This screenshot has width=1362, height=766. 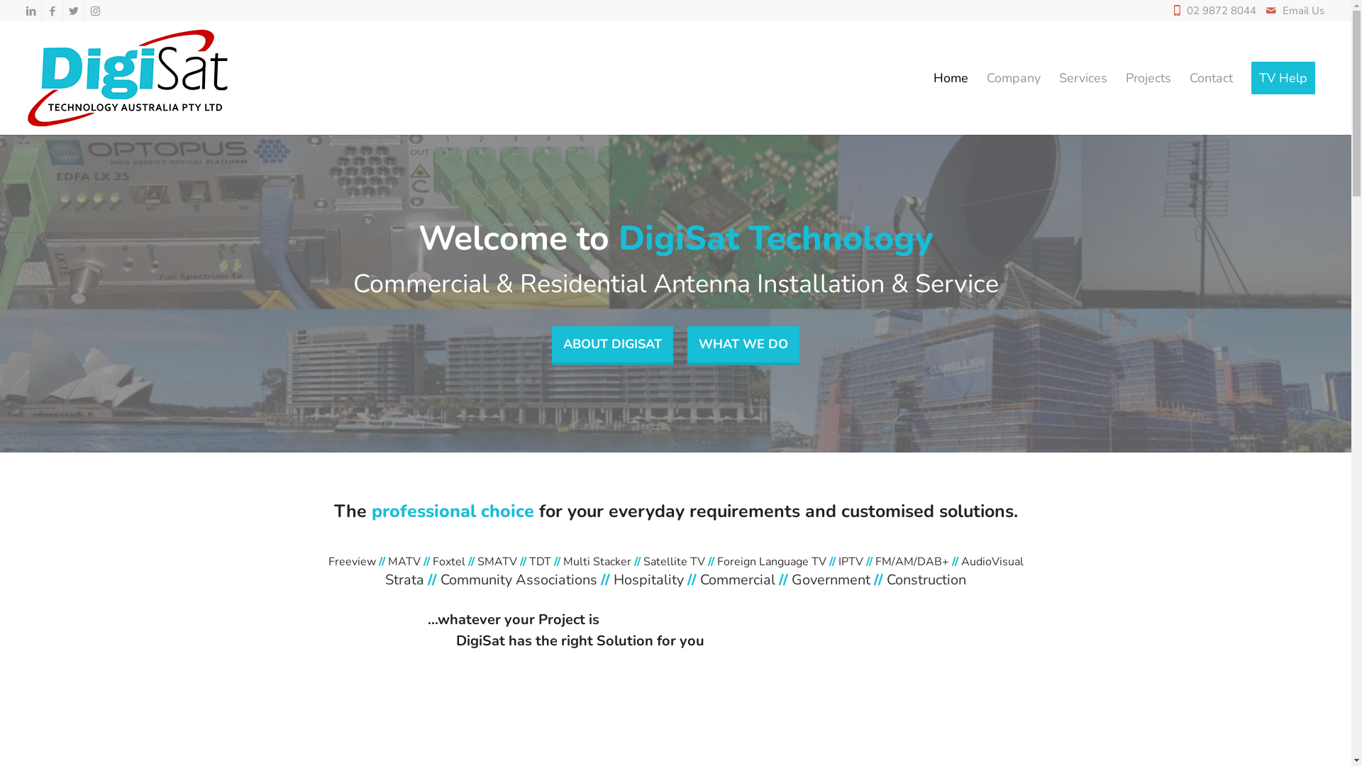 I want to click on 'Digisat-Logo', so click(x=129, y=78).